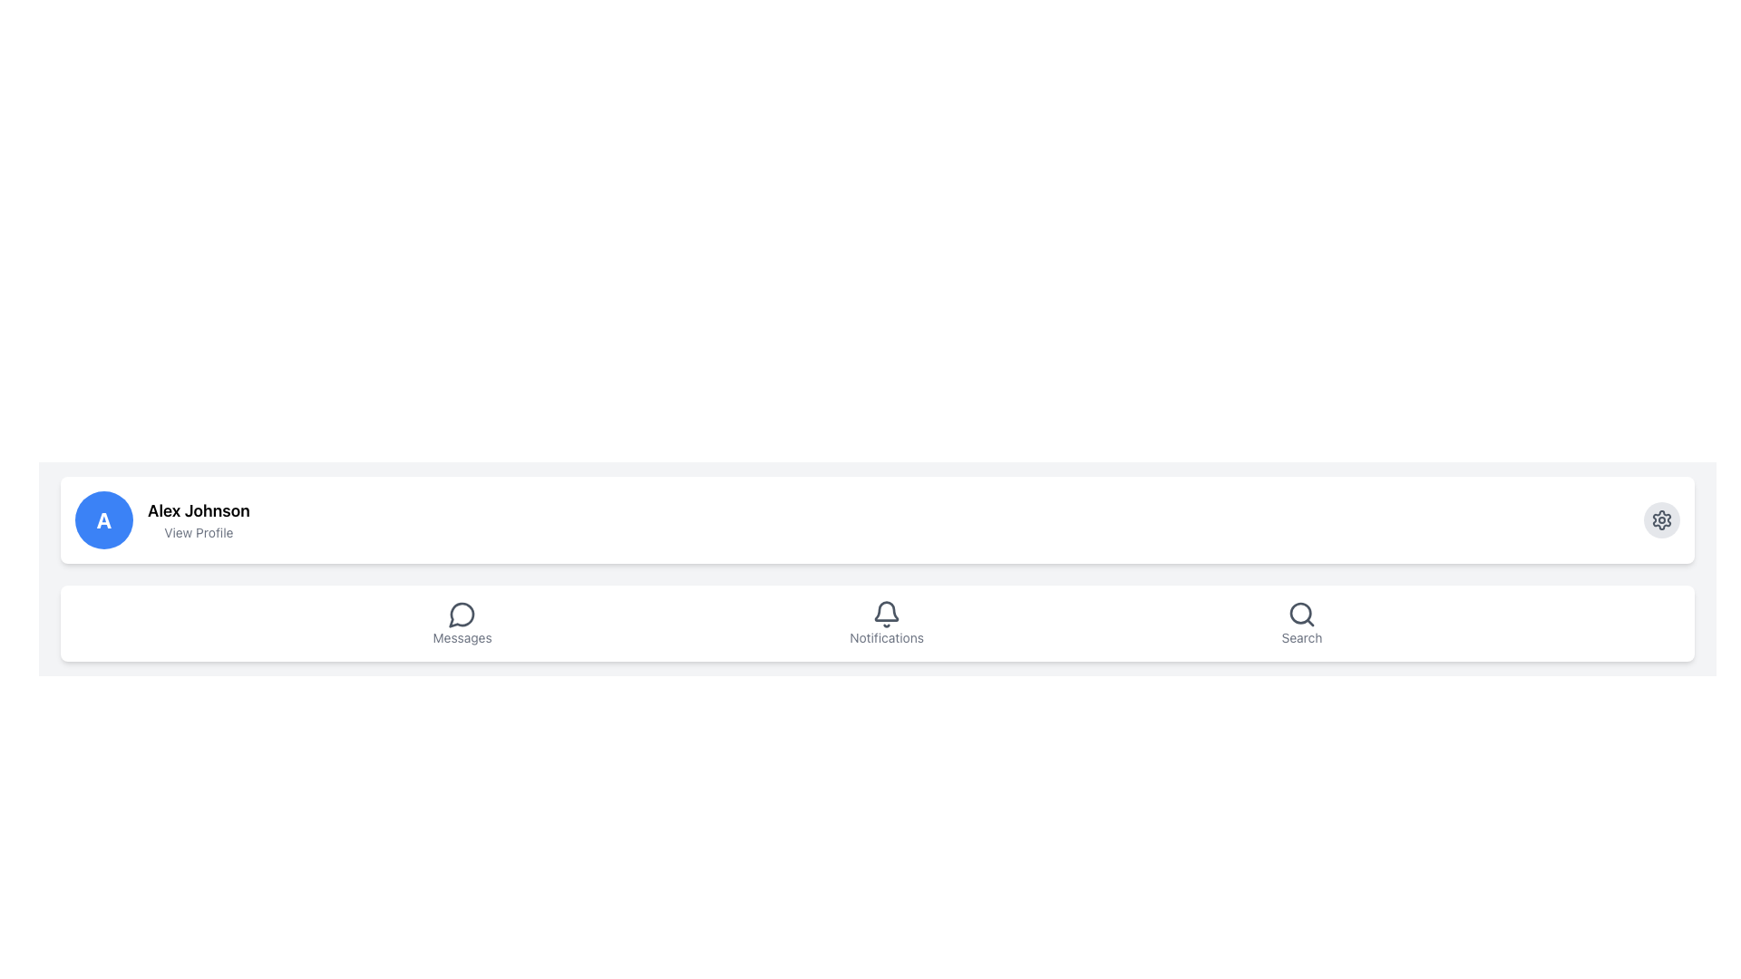 The height and width of the screenshot is (979, 1741). Describe the element at coordinates (887, 637) in the screenshot. I see `the 'Notifications' label, which is a small text label styled with a gray font and located underneath a bell icon in the navigation bar` at that location.